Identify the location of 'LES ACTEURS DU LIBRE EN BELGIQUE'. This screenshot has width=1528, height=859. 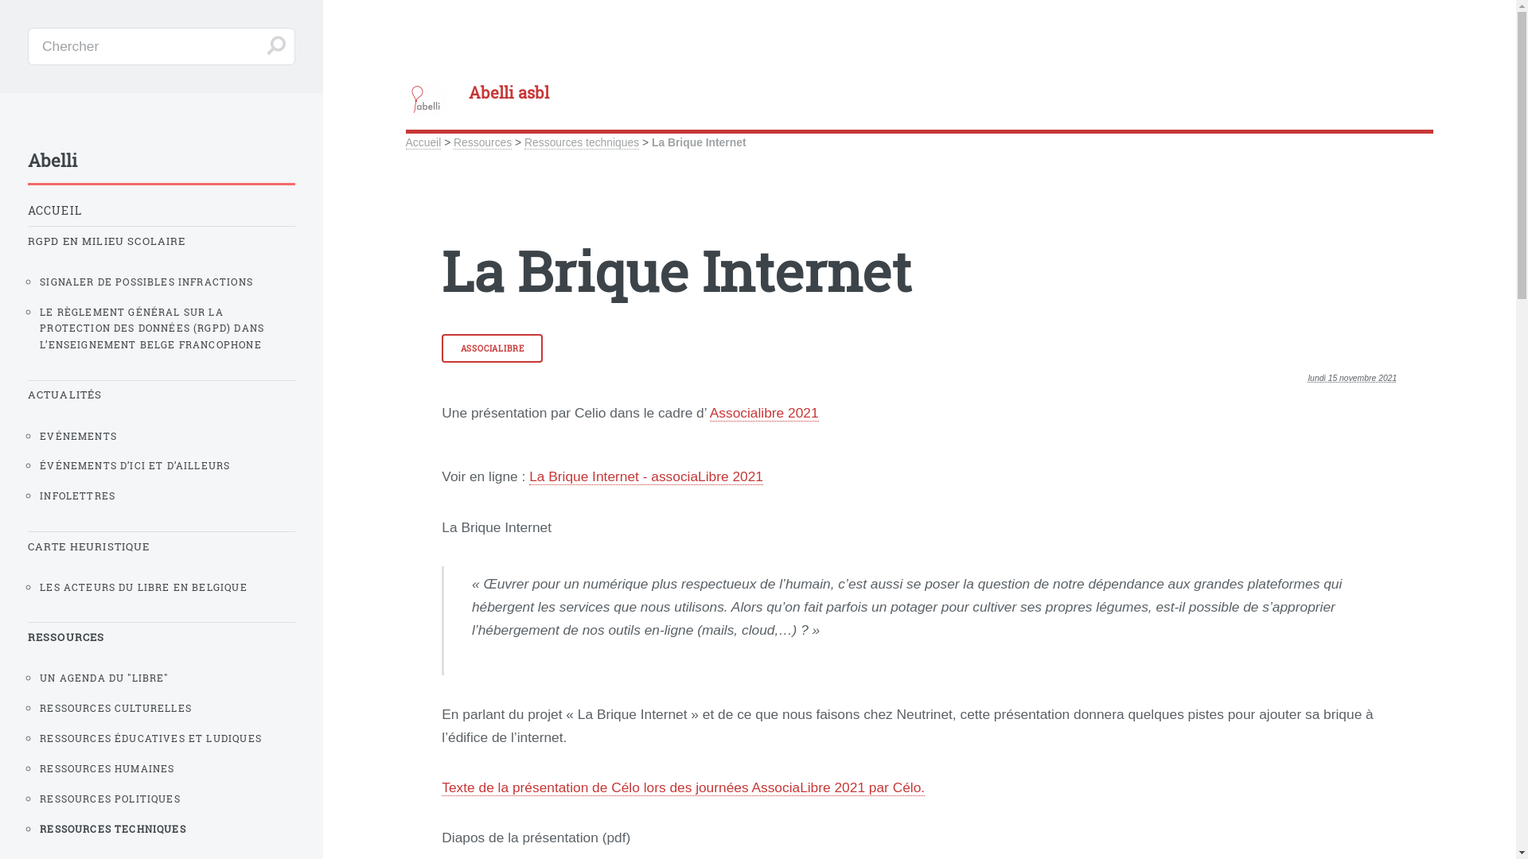
(167, 587).